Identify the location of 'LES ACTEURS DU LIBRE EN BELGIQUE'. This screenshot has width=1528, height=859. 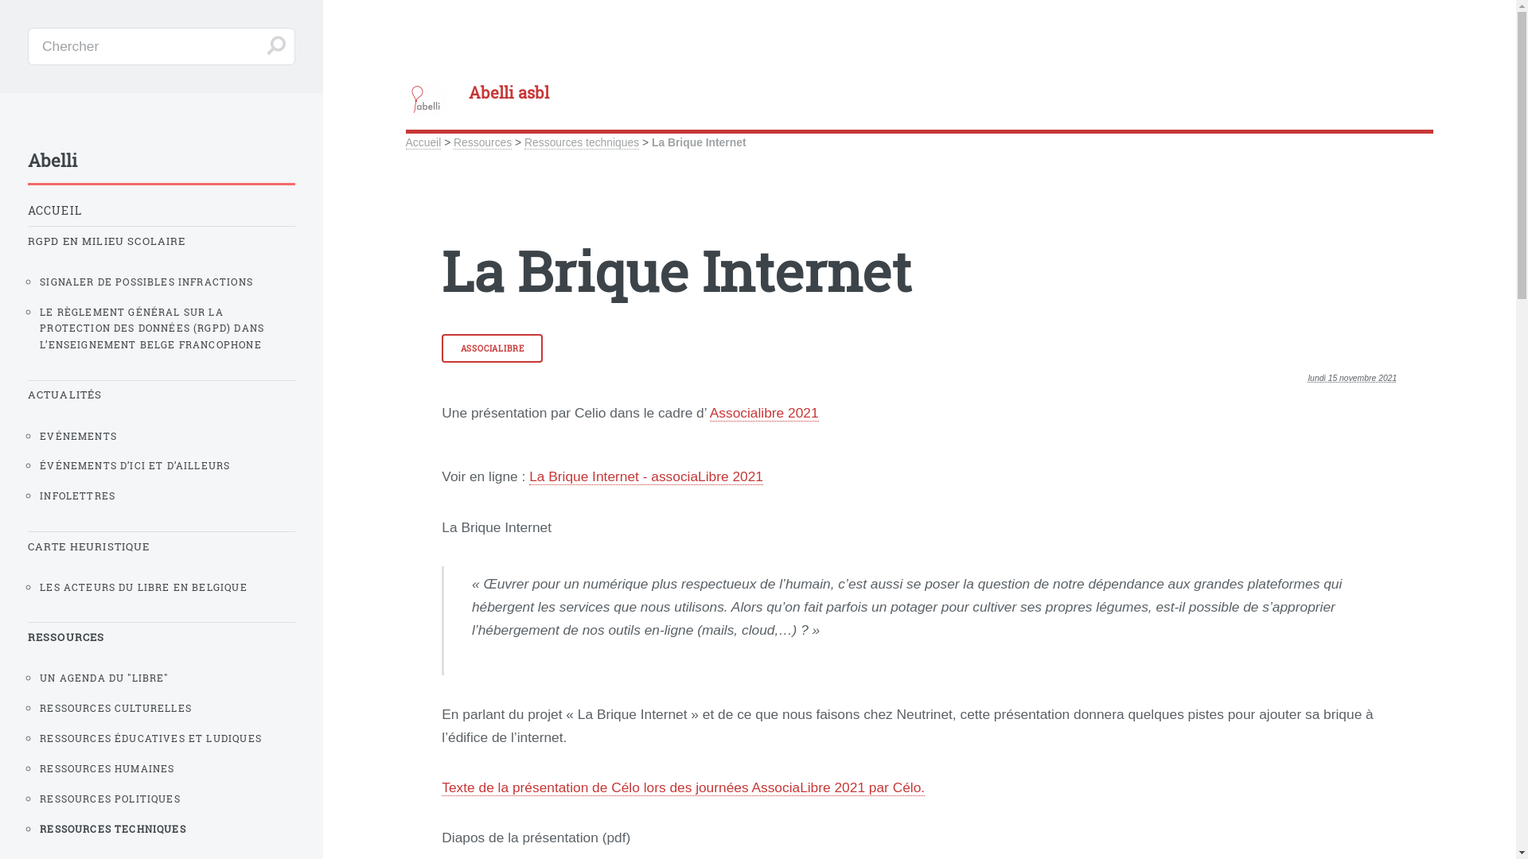
(167, 587).